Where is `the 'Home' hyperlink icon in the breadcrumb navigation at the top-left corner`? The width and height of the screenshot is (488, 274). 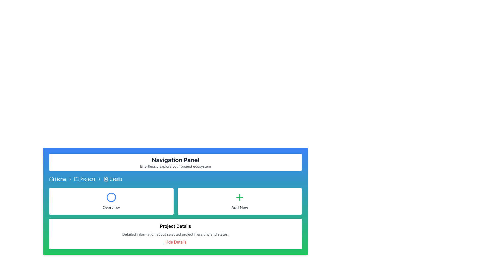 the 'Home' hyperlink icon in the breadcrumb navigation at the top-left corner is located at coordinates (57, 179).